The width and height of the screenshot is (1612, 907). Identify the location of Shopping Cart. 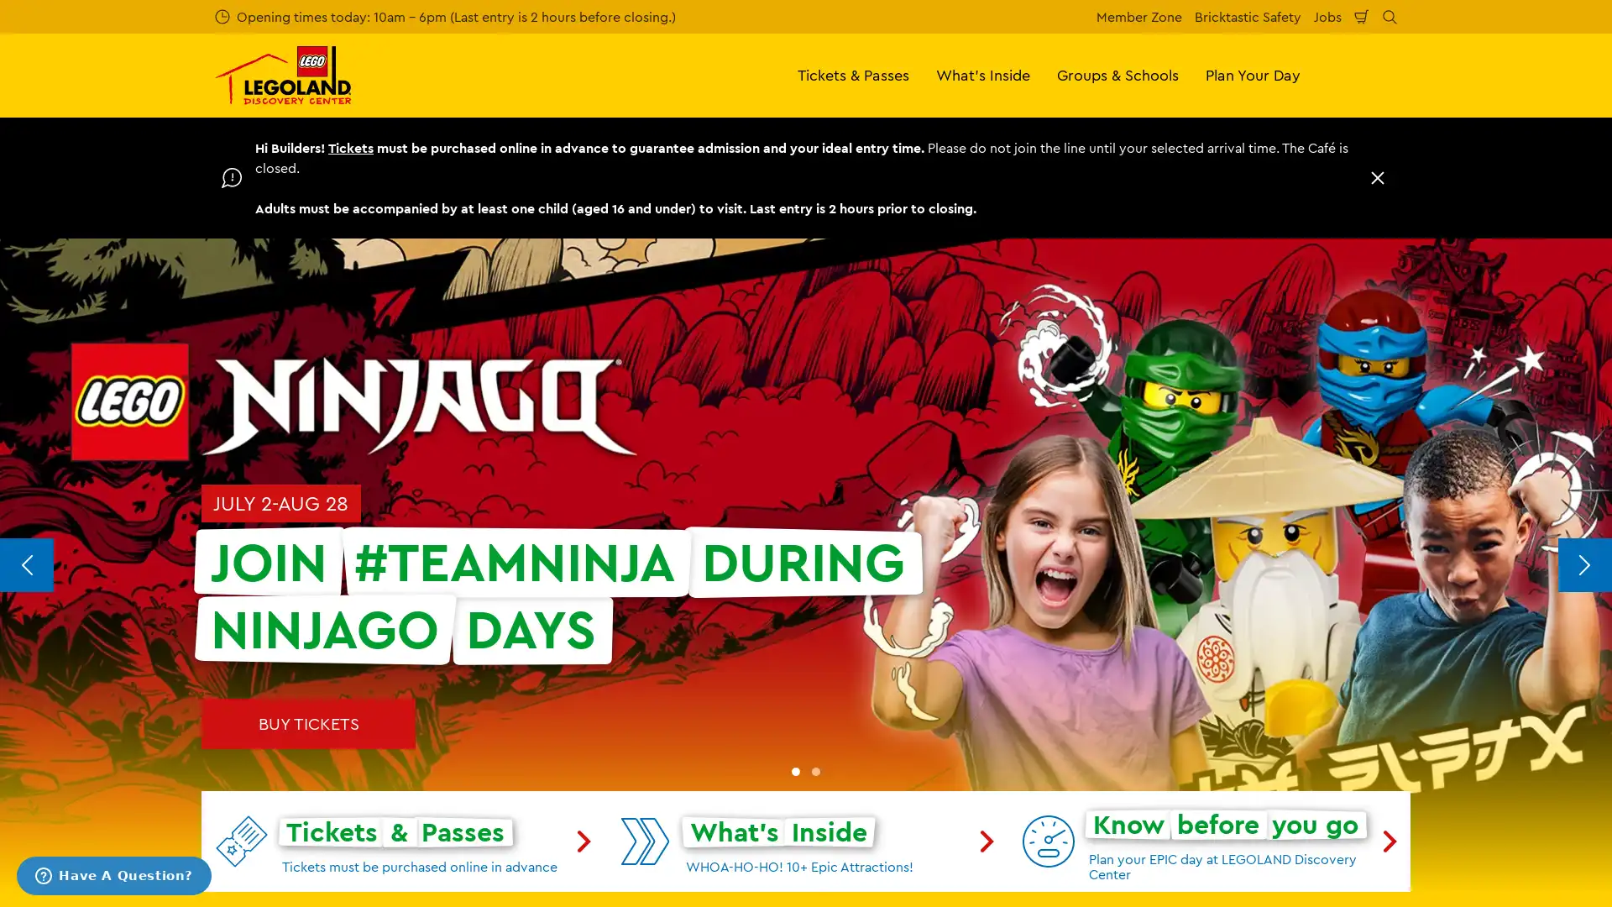
(1362, 16).